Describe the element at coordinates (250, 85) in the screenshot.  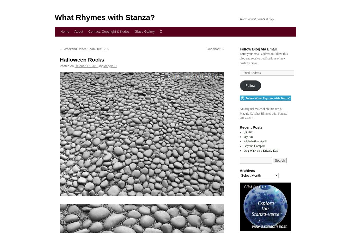
I see `'Follow'` at that location.